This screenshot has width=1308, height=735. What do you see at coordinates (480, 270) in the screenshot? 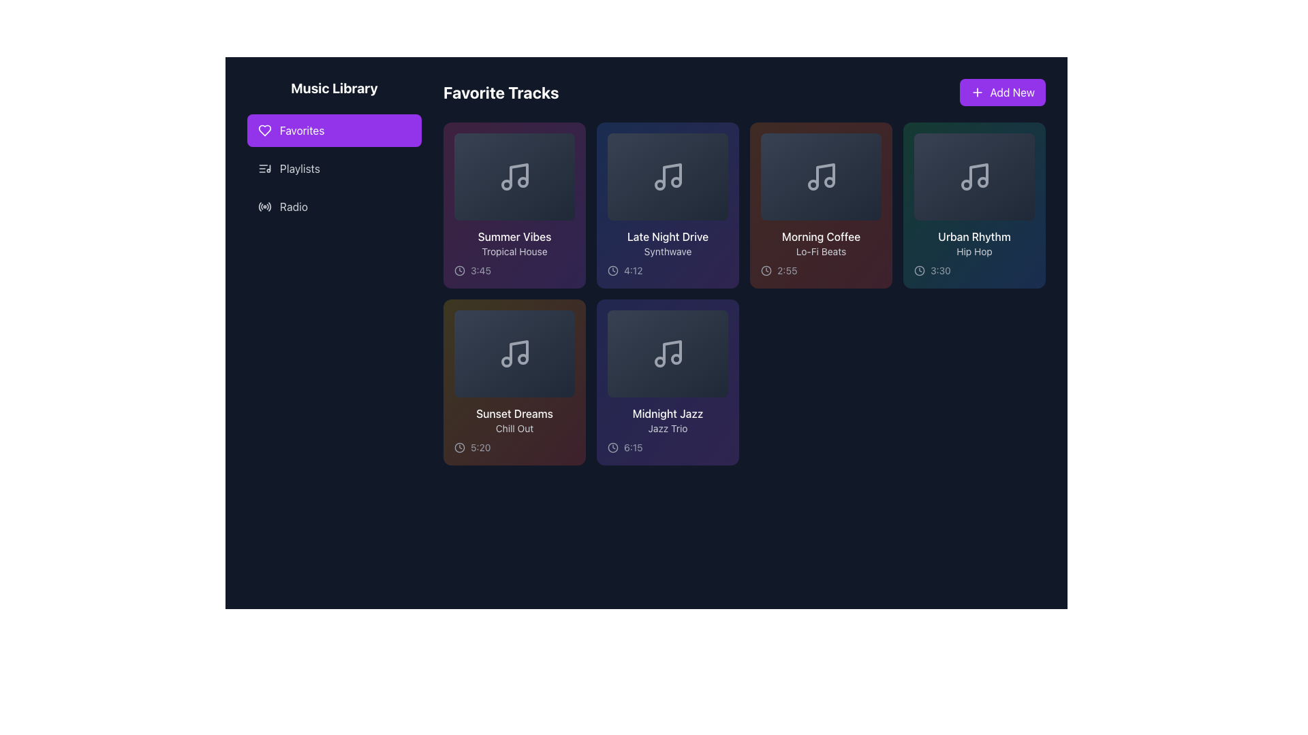
I see `the text label displaying the time duration '3:45', located below the title 'Summer Vibes' and to the right of a clock icon in the 'Favorite Tracks' area` at bounding box center [480, 270].